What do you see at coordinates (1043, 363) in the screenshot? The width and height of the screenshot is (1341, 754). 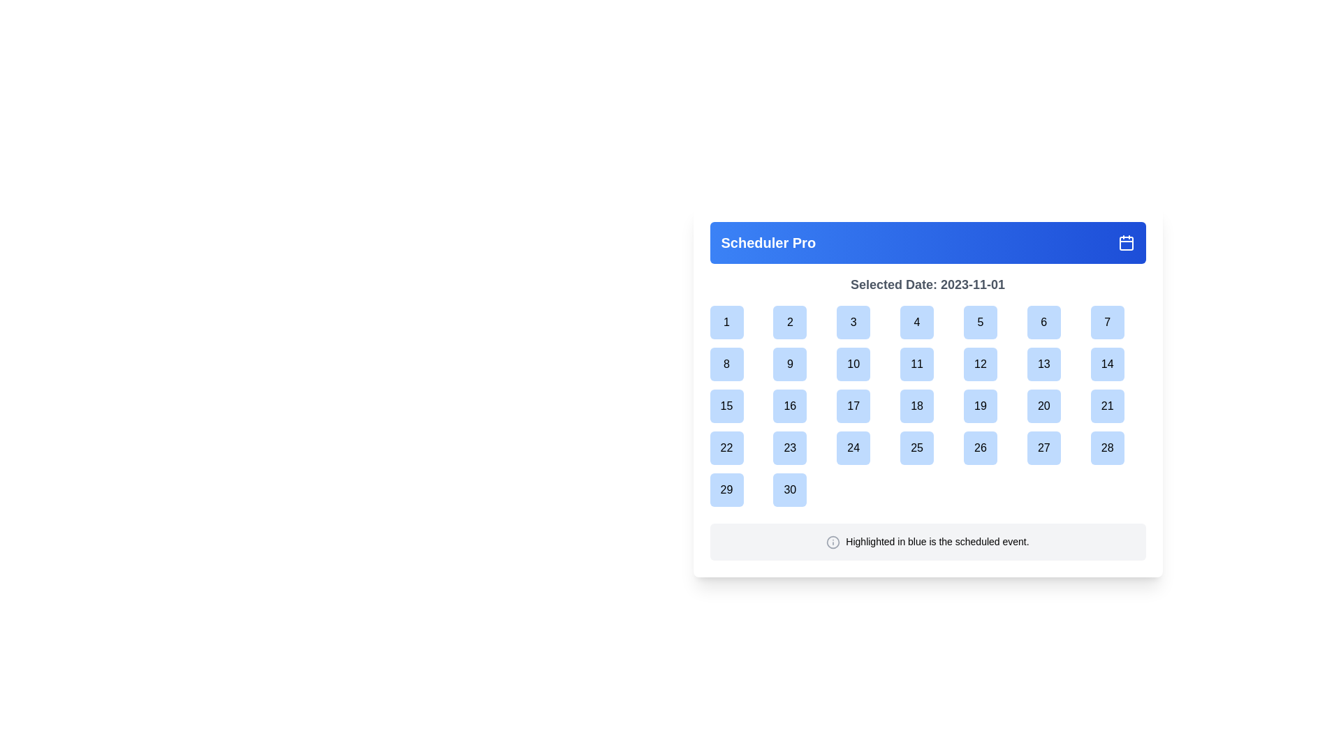 I see `the Interactive Calendar Day Cell representing the 13th day of November 2023` at bounding box center [1043, 363].